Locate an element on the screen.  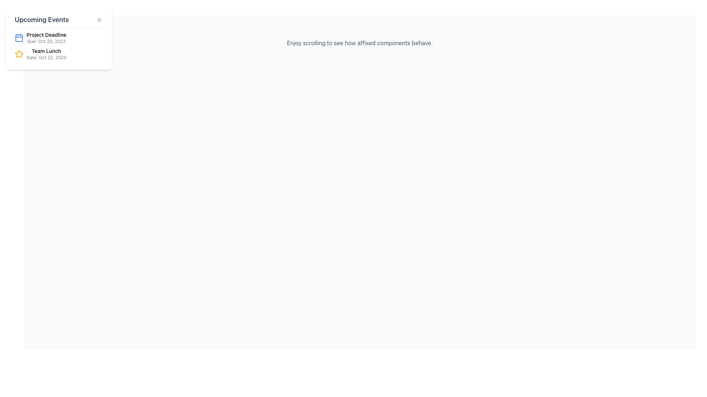
the text element that displays 'Enjoy scrolling to see how affixed components behave.' centered on a white background is located at coordinates (360, 43).